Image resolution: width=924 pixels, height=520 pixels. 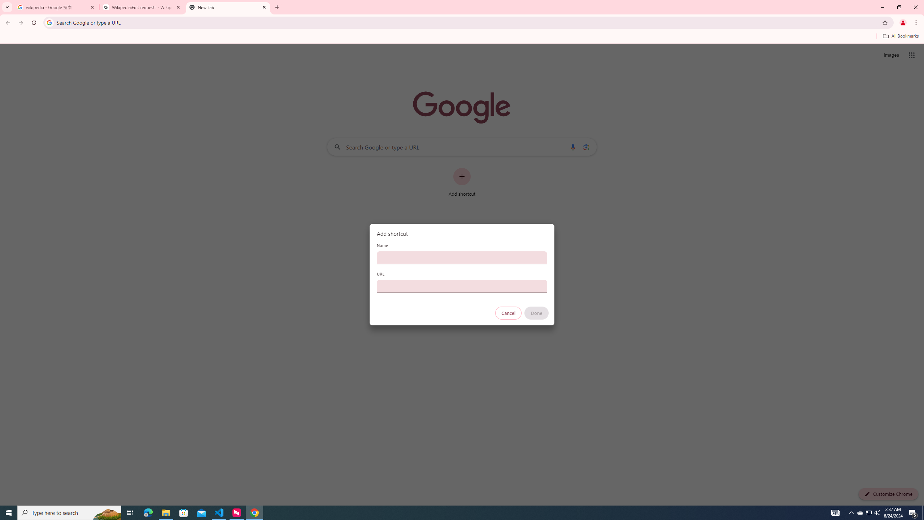 What do you see at coordinates (228, 7) in the screenshot?
I see `'New Tab'` at bounding box center [228, 7].